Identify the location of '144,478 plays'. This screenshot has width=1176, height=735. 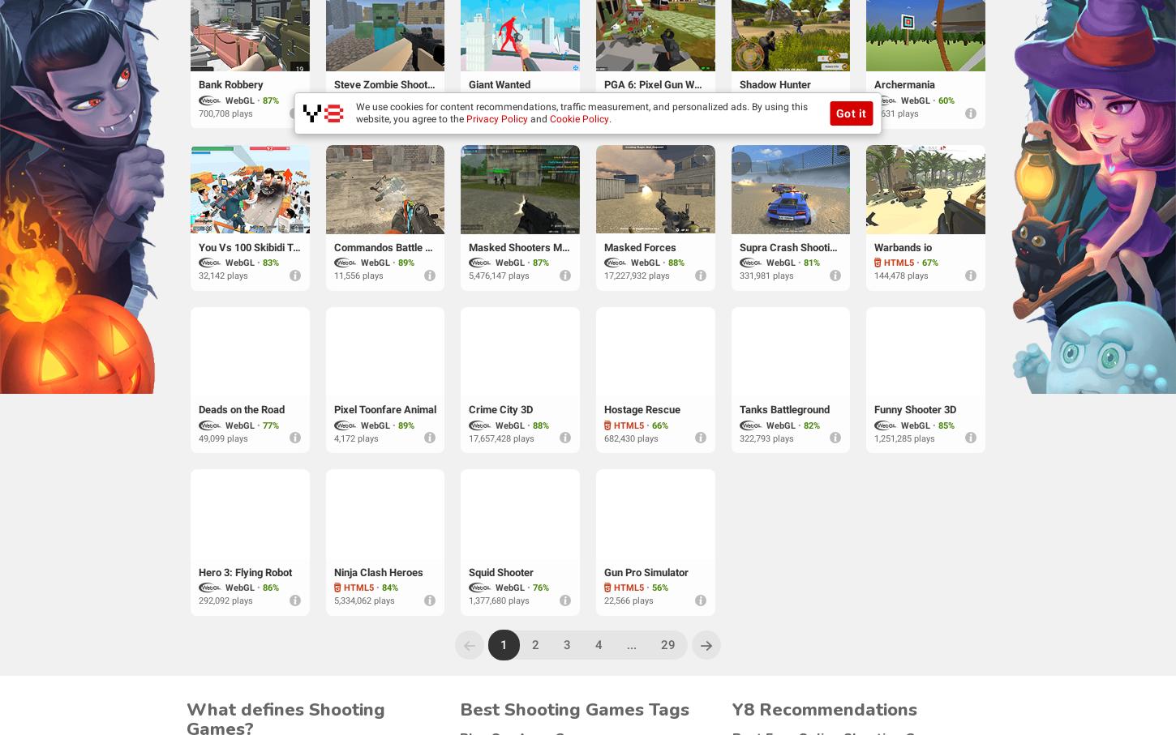
(900, 275).